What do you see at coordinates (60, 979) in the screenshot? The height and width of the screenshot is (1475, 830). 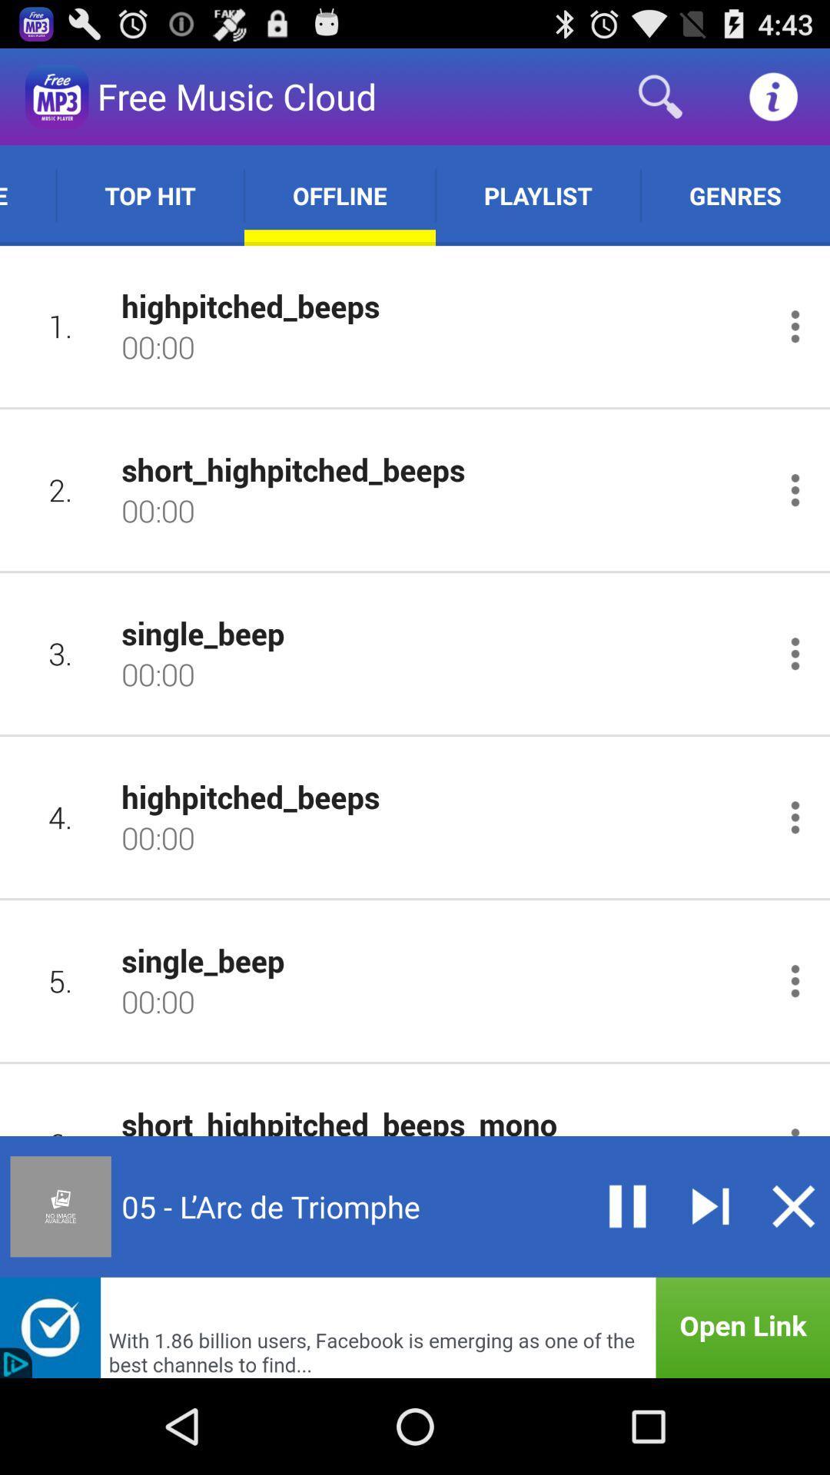 I see `the icon below the 4. icon` at bounding box center [60, 979].